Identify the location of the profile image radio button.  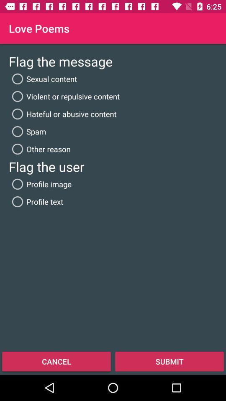
(40, 184).